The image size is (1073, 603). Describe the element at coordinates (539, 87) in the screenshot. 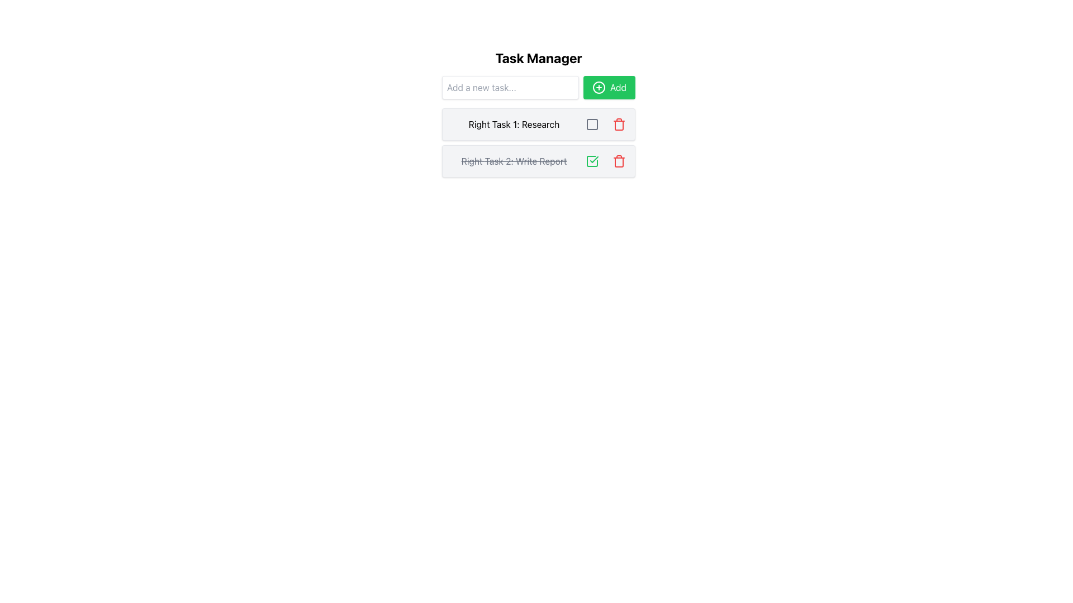

I see `the input field of the 'Add a new task...' area in the Task Manager section for focus` at that location.